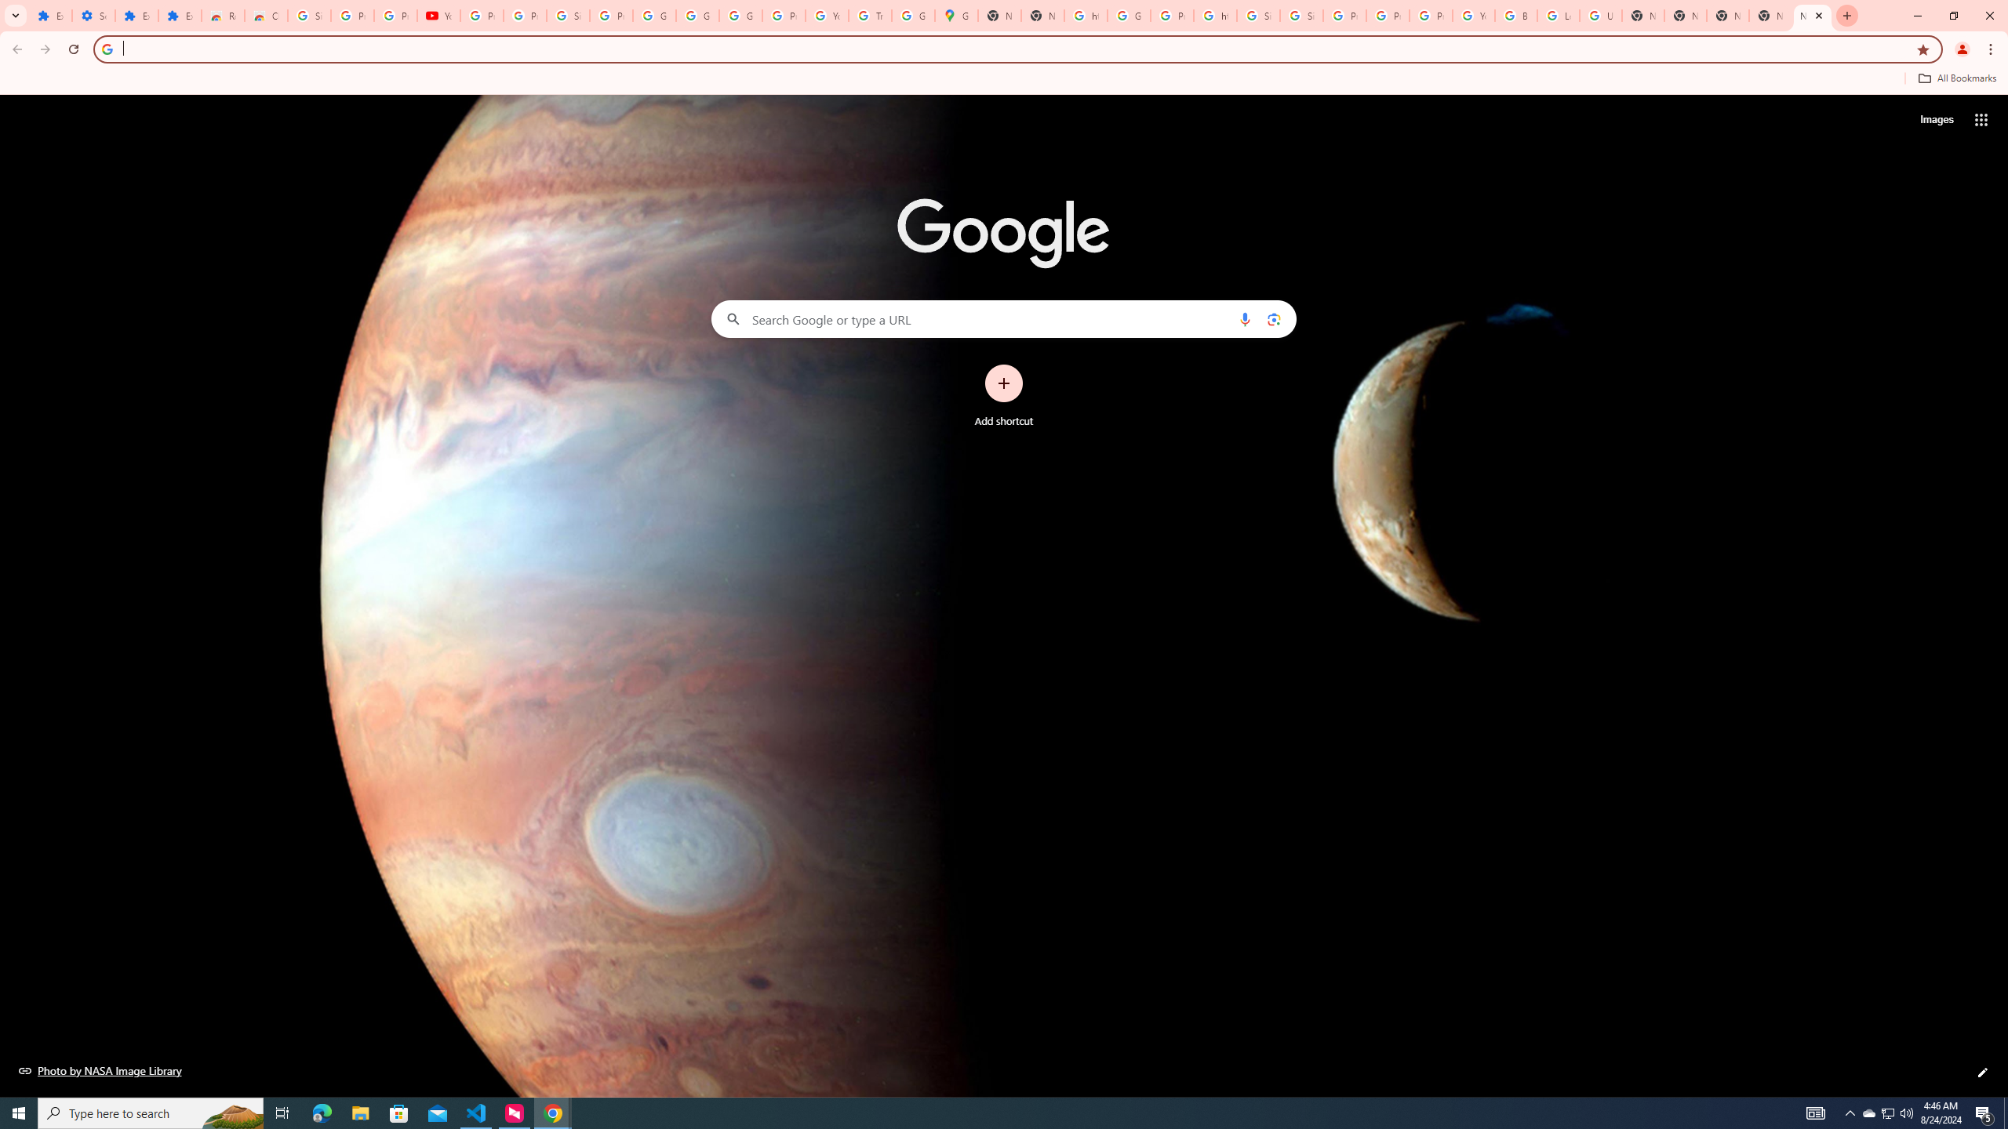 This screenshot has width=2008, height=1129. Describe the element at coordinates (1215, 15) in the screenshot. I see `'https://scholar.google.com/'` at that location.